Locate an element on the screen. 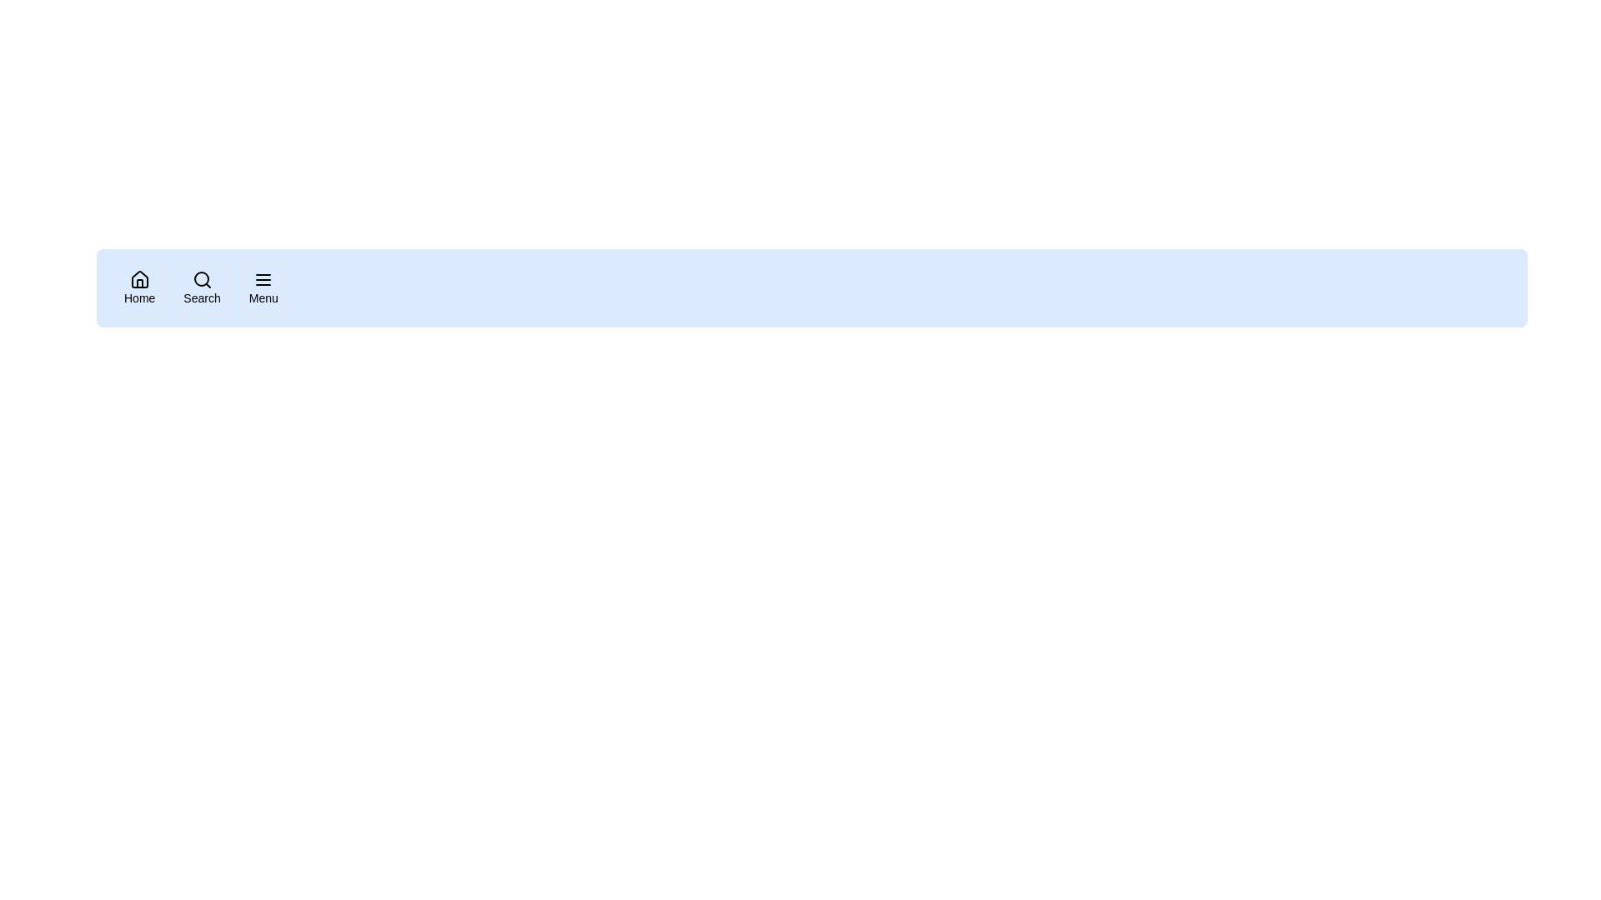 The image size is (1601, 900). the 'Home' navigation icon located on the leftmost side of the horizontal navigation bar is located at coordinates (139, 278).